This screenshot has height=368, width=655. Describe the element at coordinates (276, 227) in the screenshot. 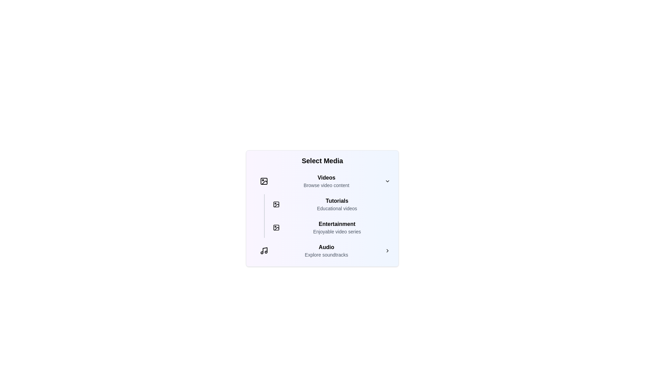

I see `the 'Entertainment' icon located on the left side of the 'Entertainment' menu option` at that location.